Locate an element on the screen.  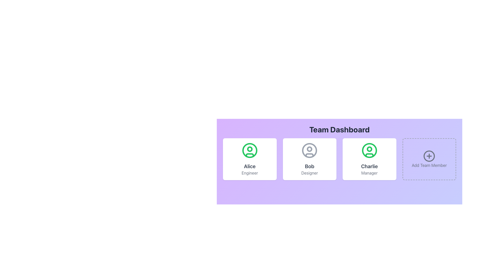
the Profile Card representing team member Alice, who is an Engineer, positioned as the leftmost card in the grid layout is located at coordinates (250, 159).